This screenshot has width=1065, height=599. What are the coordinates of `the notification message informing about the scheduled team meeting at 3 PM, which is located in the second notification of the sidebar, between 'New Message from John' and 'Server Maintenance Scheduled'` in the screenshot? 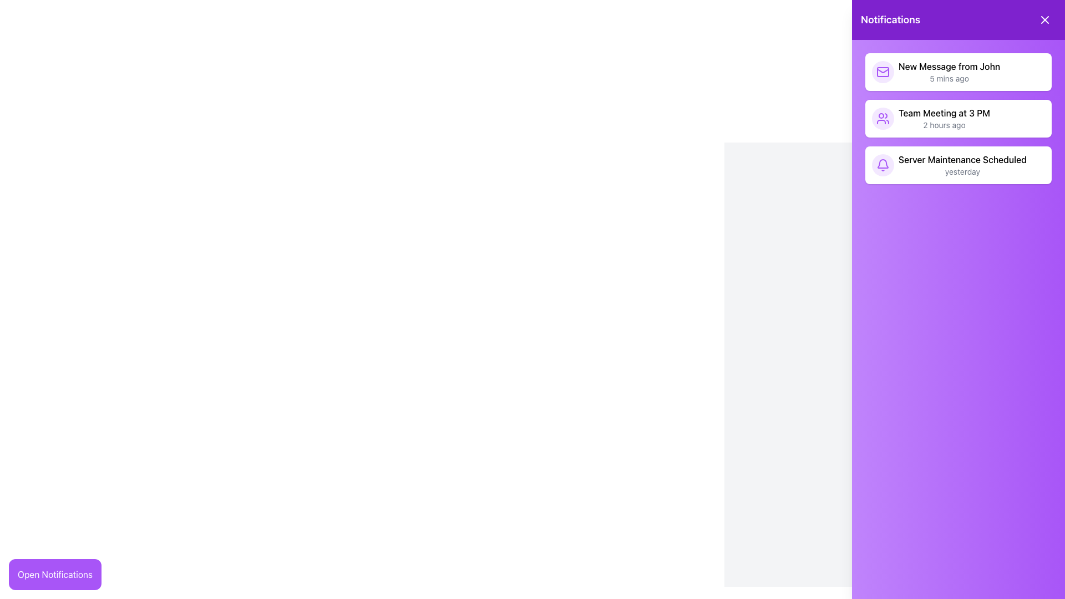 It's located at (931, 118).